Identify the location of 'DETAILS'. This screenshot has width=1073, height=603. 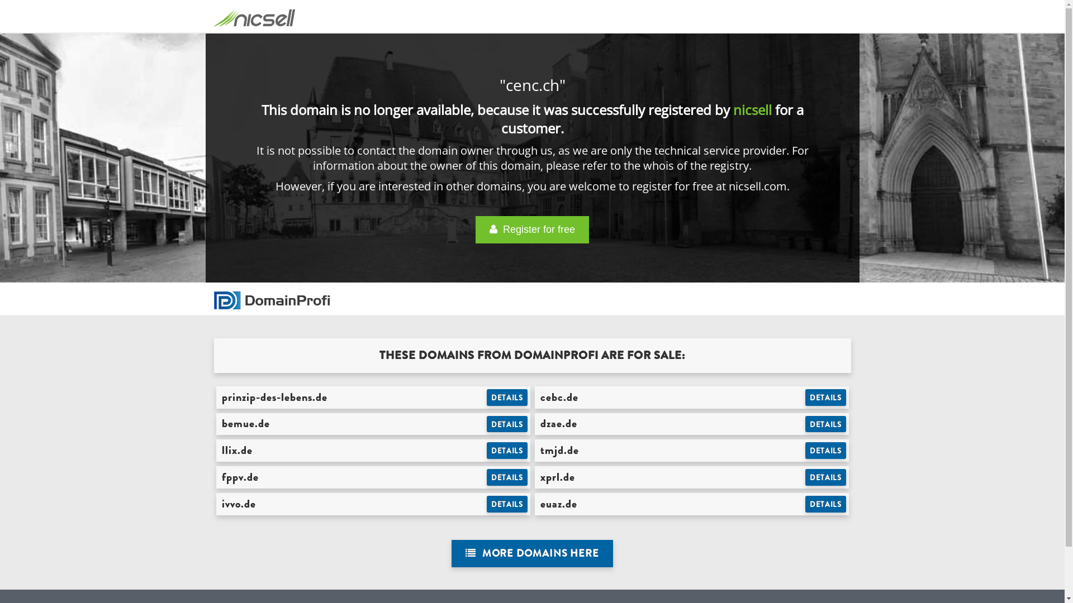
(486, 449).